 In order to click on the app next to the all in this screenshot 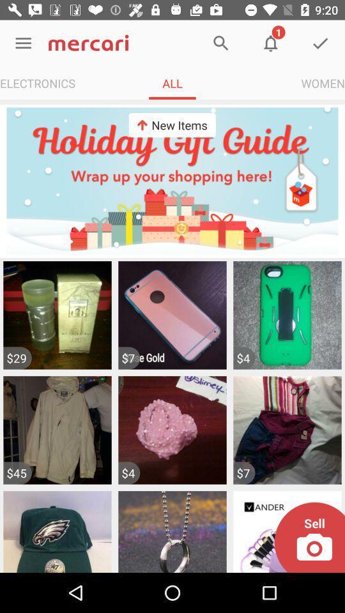, I will do `click(38, 82)`.